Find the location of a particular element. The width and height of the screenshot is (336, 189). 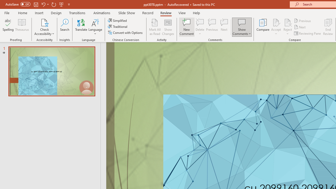

'Mark All as Read' is located at coordinates (155, 27).